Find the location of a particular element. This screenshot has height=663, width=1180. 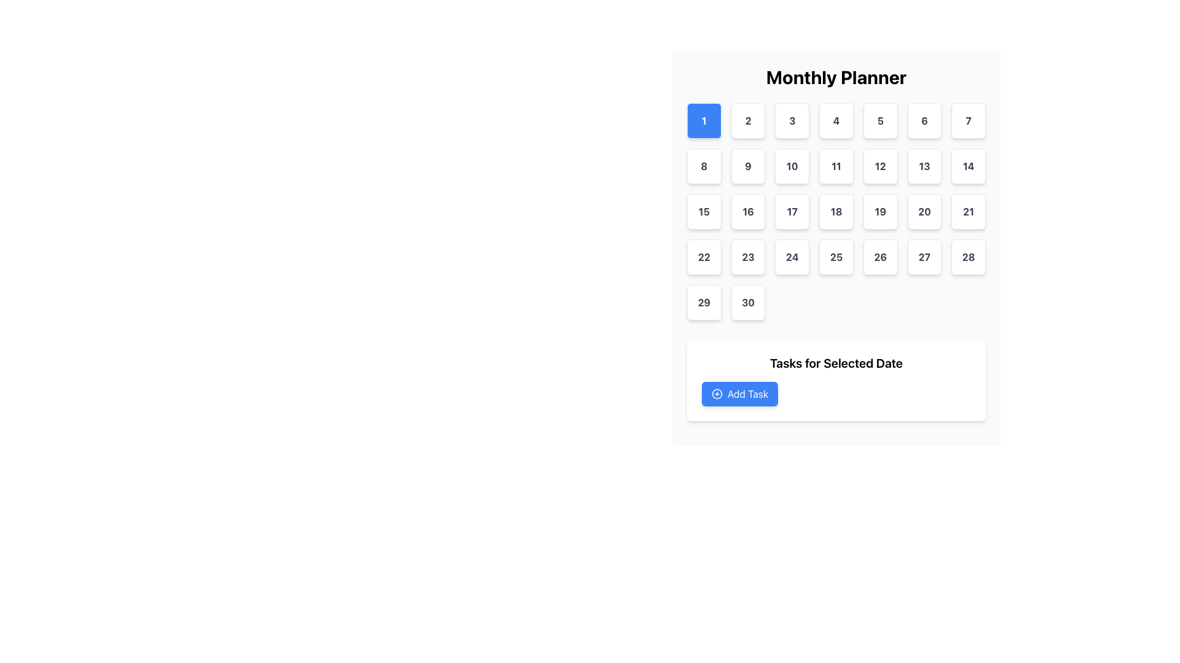

the square-shaped button labeled '23' with a white background and gray border in the 'Monthly Planner' interface is located at coordinates (747, 257).